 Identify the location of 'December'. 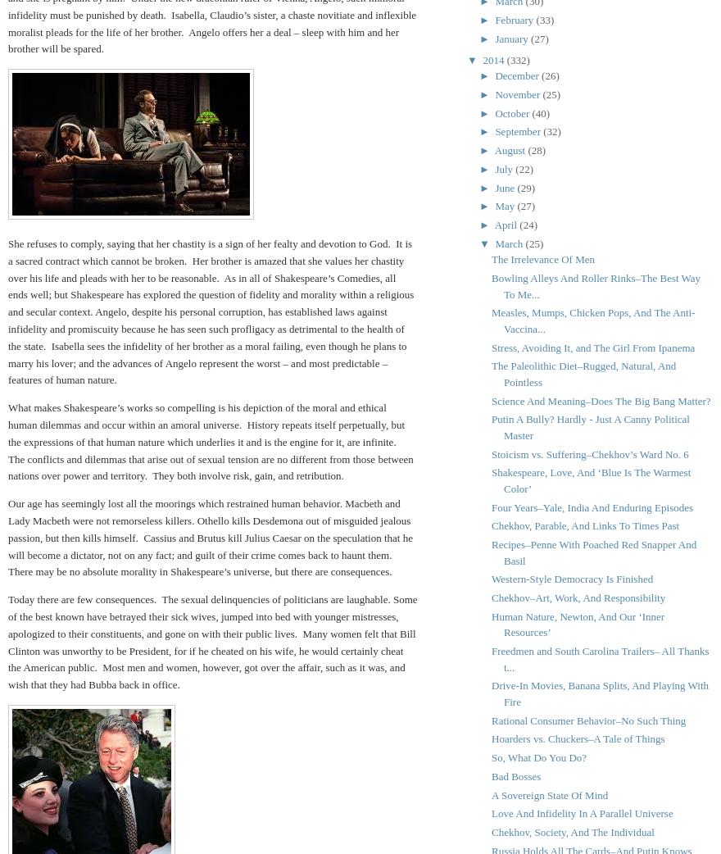
(518, 75).